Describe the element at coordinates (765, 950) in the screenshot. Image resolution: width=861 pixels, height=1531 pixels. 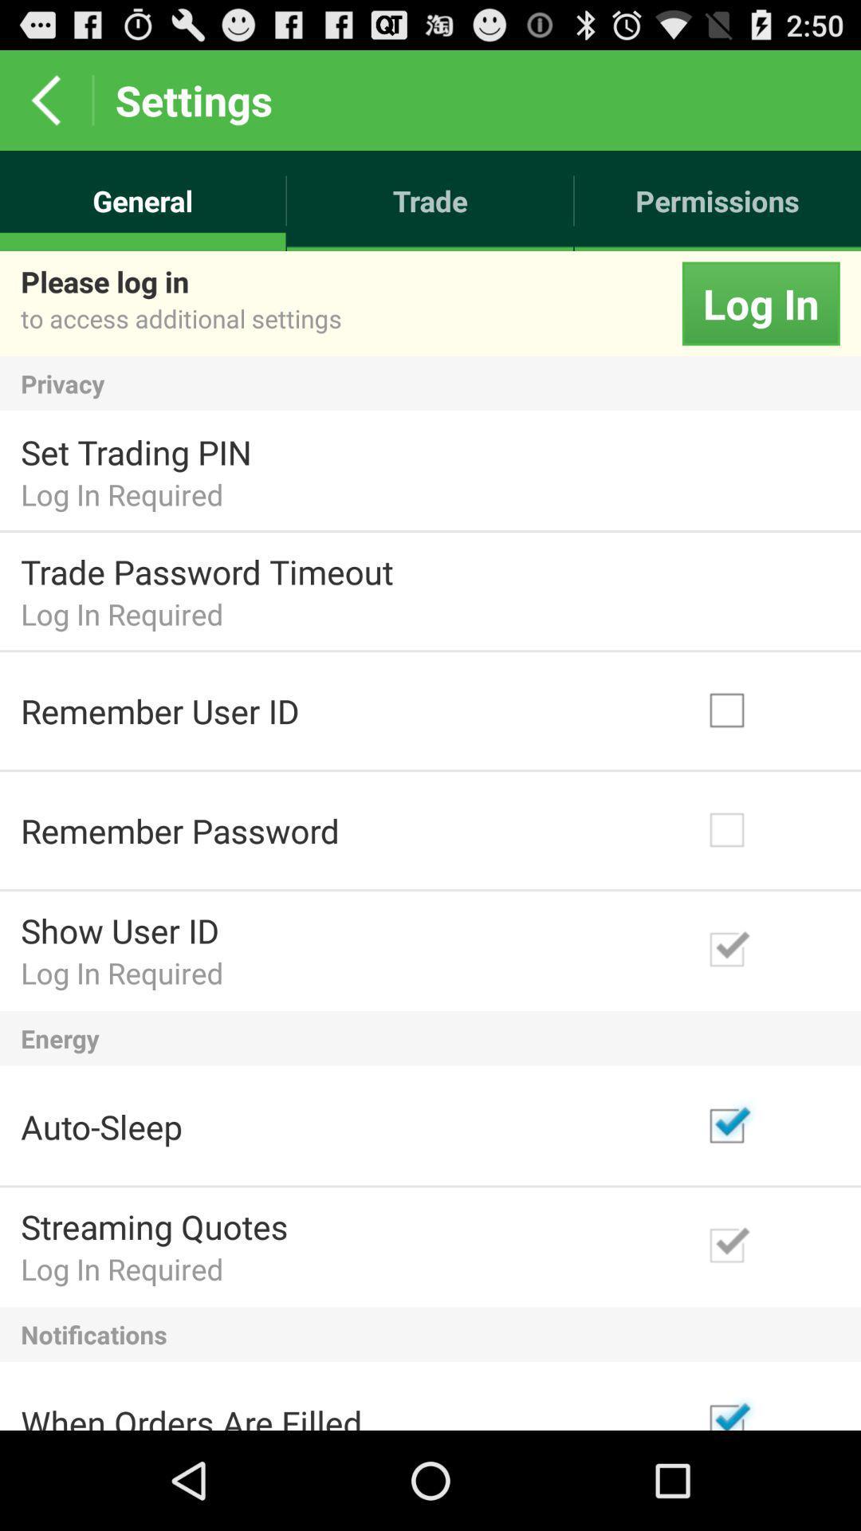
I see `check box beside show user id` at that location.